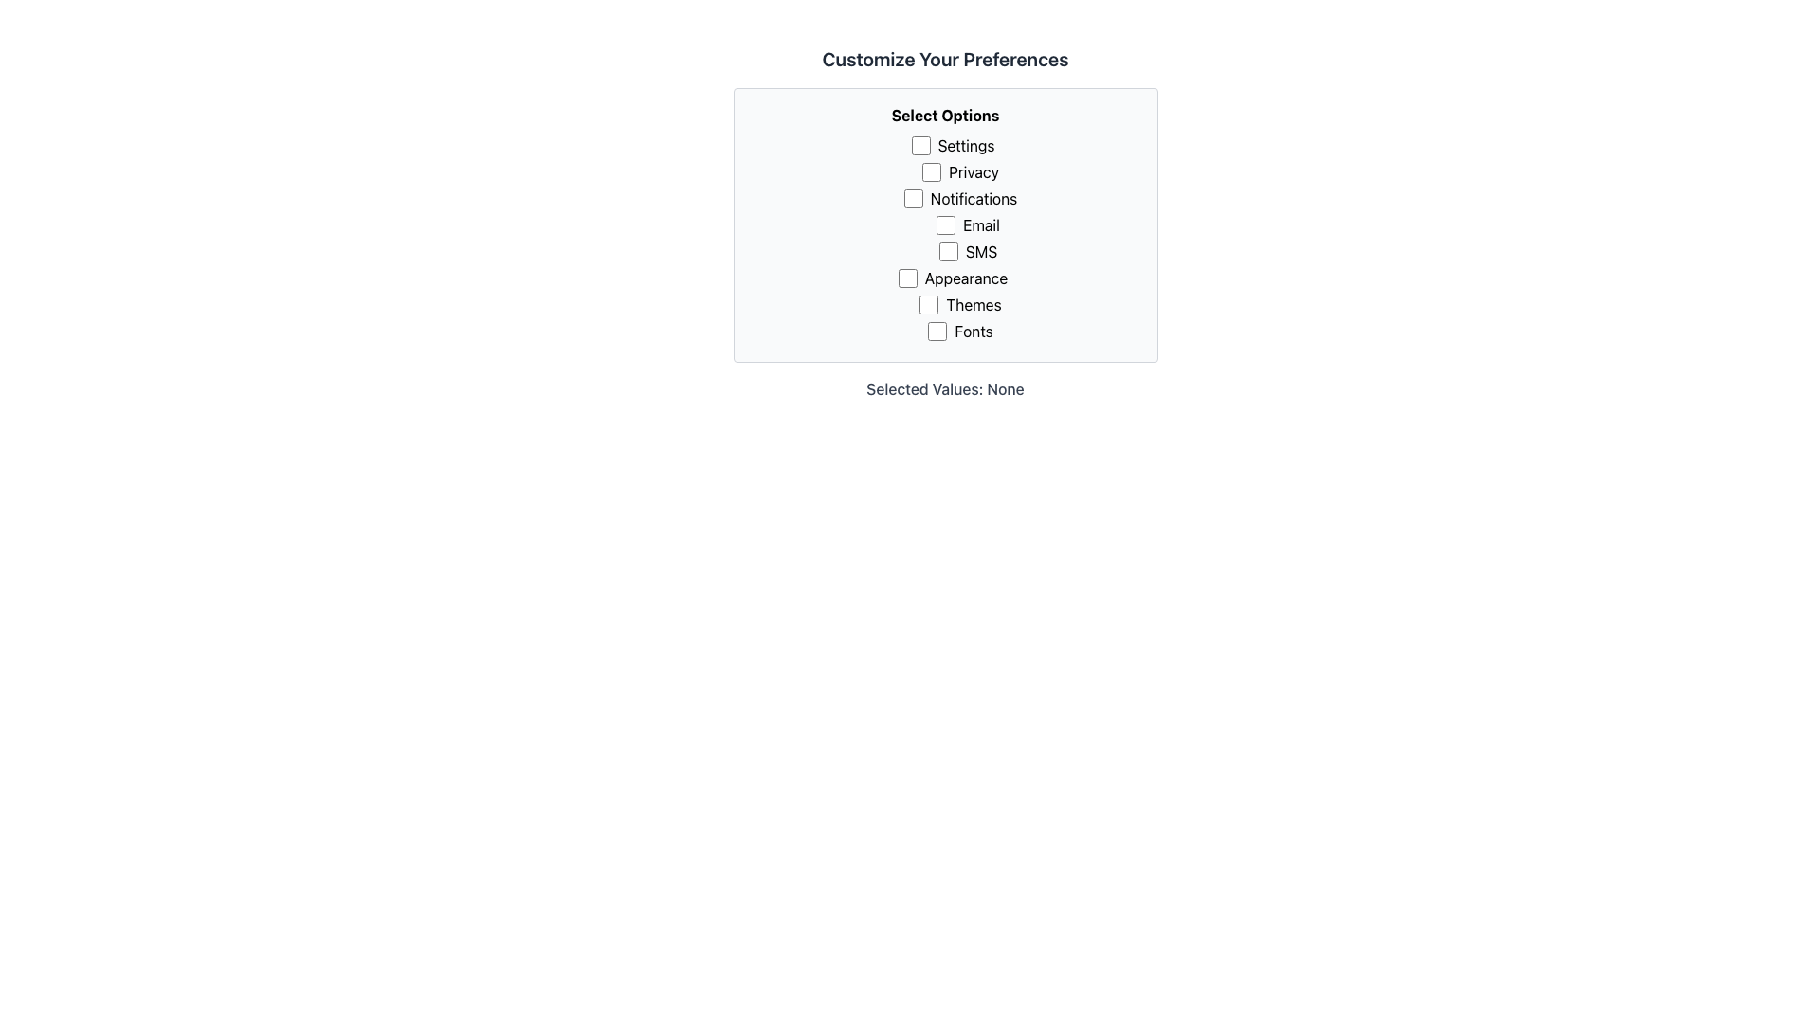 This screenshot has height=1023, width=1820. What do you see at coordinates (913, 198) in the screenshot?
I see `the 'Notifications' checkbox` at bounding box center [913, 198].